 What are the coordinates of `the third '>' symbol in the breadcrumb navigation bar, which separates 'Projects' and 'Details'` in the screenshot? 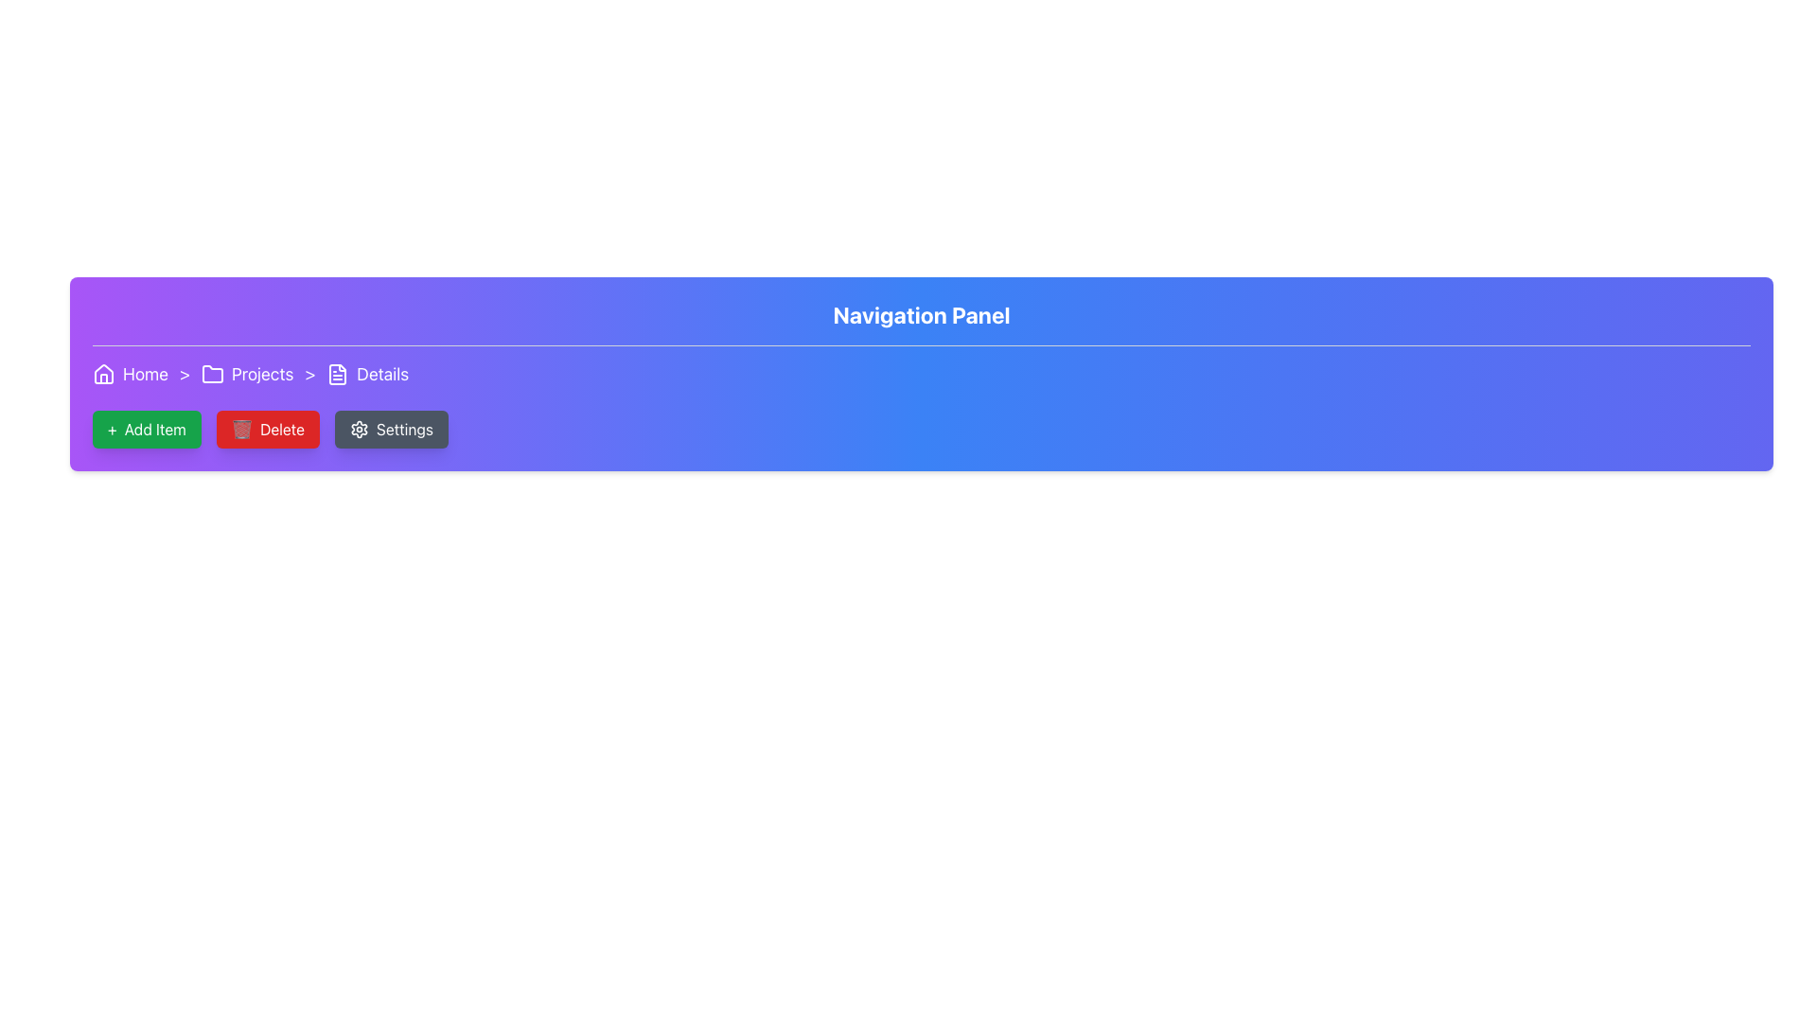 It's located at (309, 375).